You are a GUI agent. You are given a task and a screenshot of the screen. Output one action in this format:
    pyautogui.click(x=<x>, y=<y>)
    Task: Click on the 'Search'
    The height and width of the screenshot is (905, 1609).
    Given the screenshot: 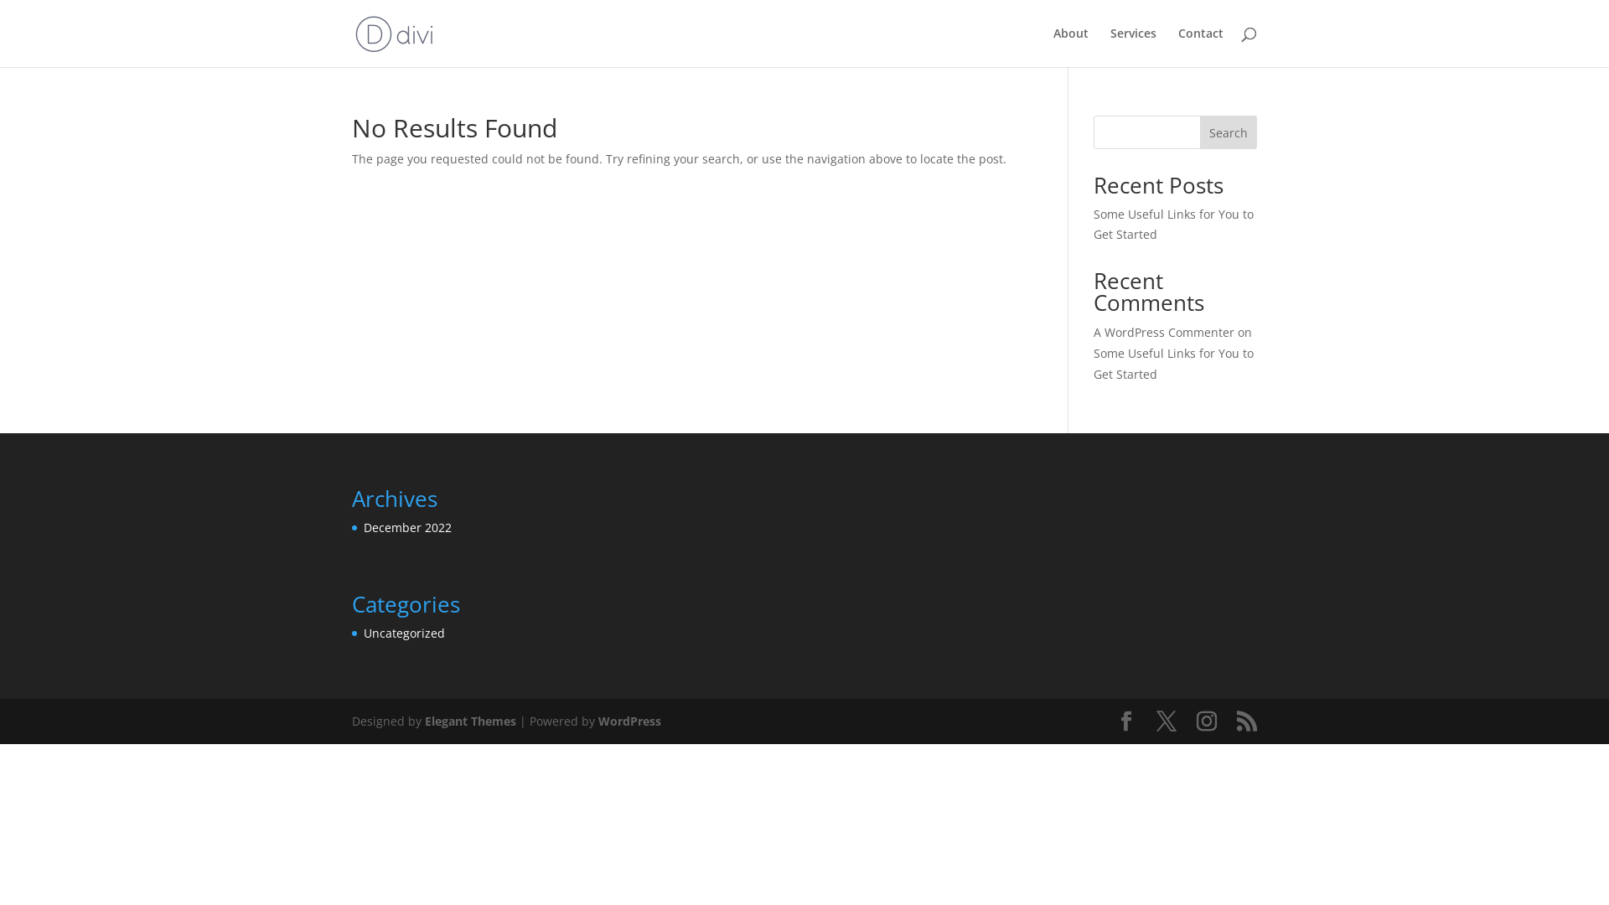 What is the action you would take?
    pyautogui.click(x=1198, y=132)
    